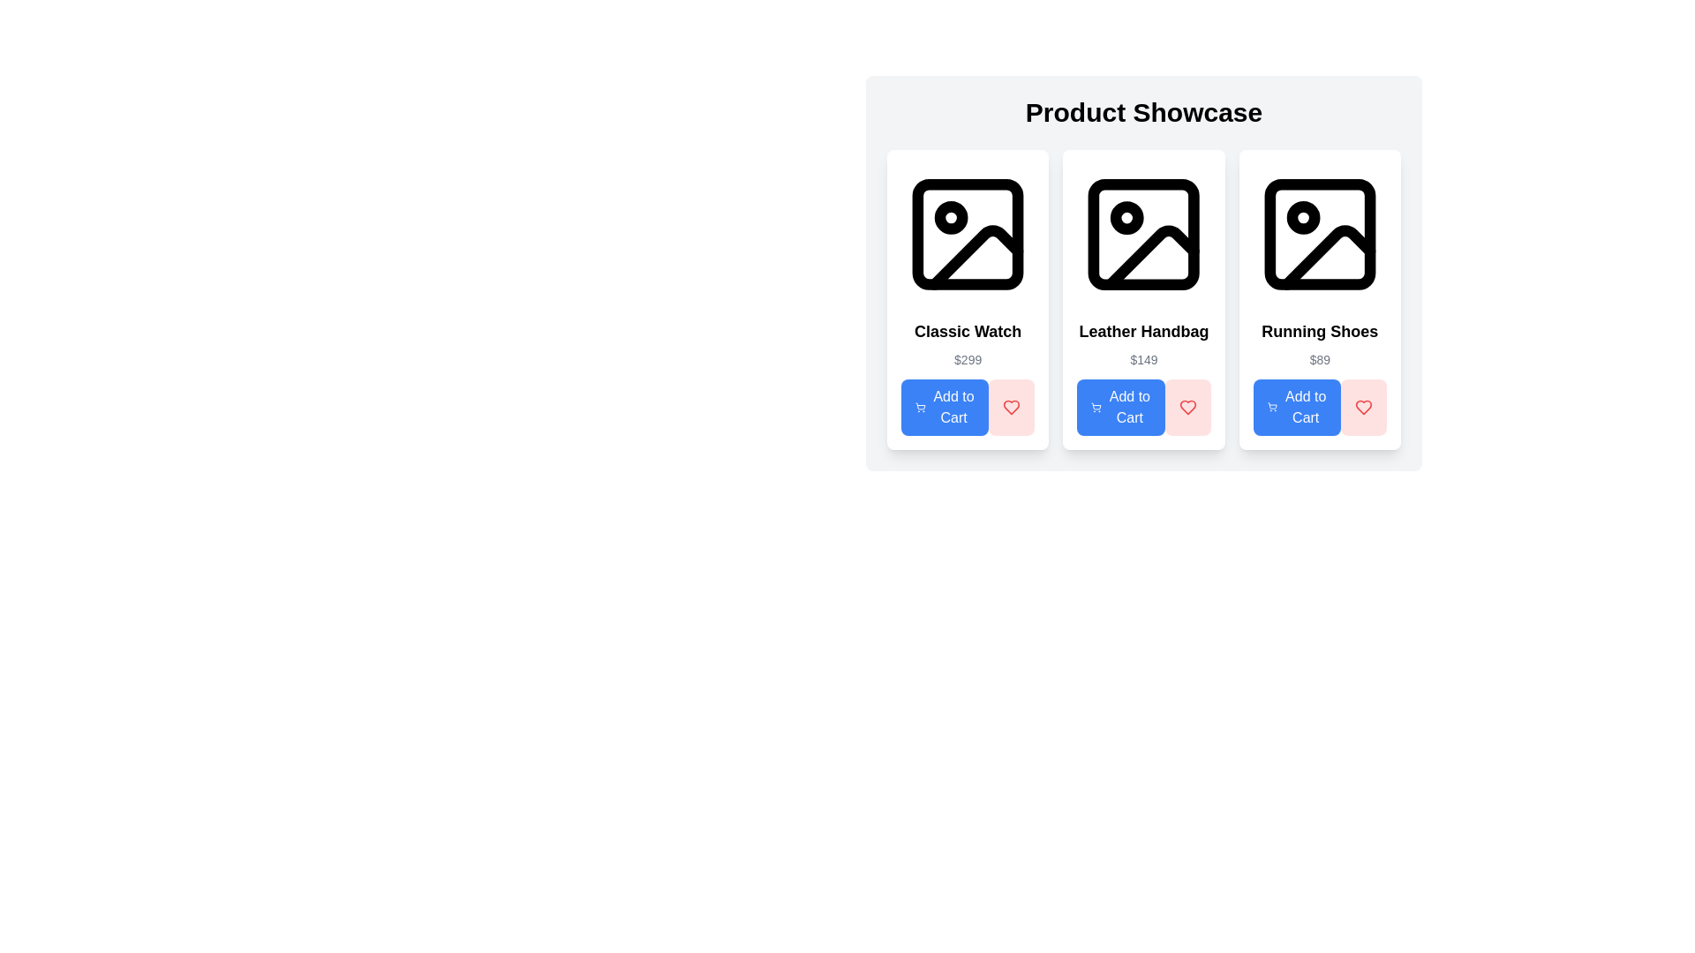 This screenshot has width=1695, height=953. Describe the element at coordinates (1187, 408) in the screenshot. I see `the 'Like' or 'Favorite' button for the 'Leather Handbag' product` at that location.